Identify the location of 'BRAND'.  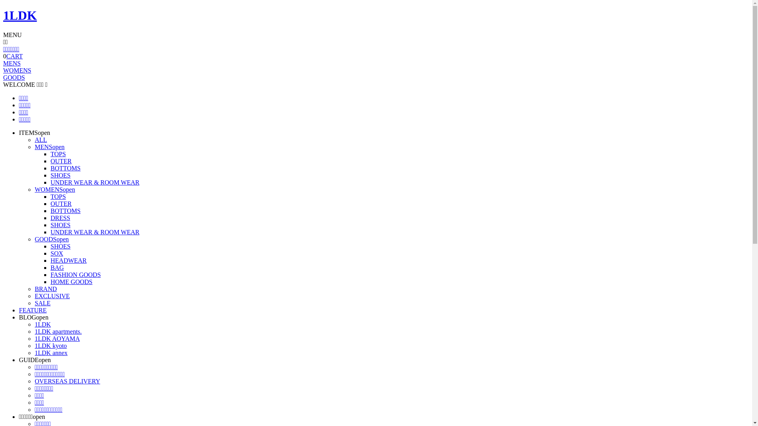
(45, 289).